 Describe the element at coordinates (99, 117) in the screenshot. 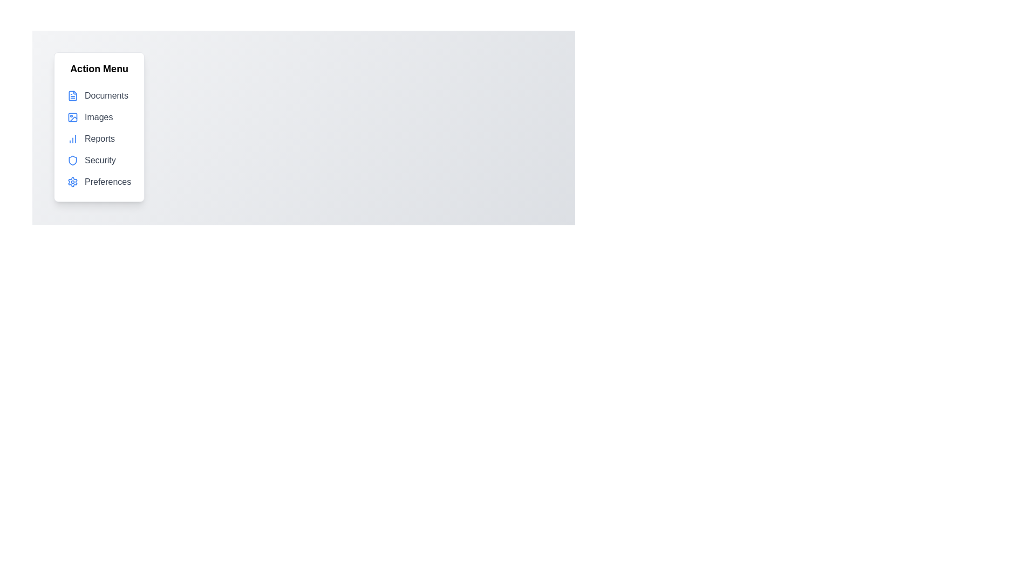

I see `the menu item labeled Images to highlight it` at that location.